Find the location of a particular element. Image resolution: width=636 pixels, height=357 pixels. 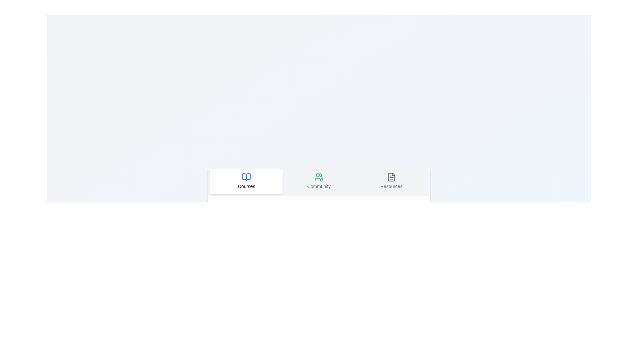

the tab Community to observe its visual change is located at coordinates (319, 181).